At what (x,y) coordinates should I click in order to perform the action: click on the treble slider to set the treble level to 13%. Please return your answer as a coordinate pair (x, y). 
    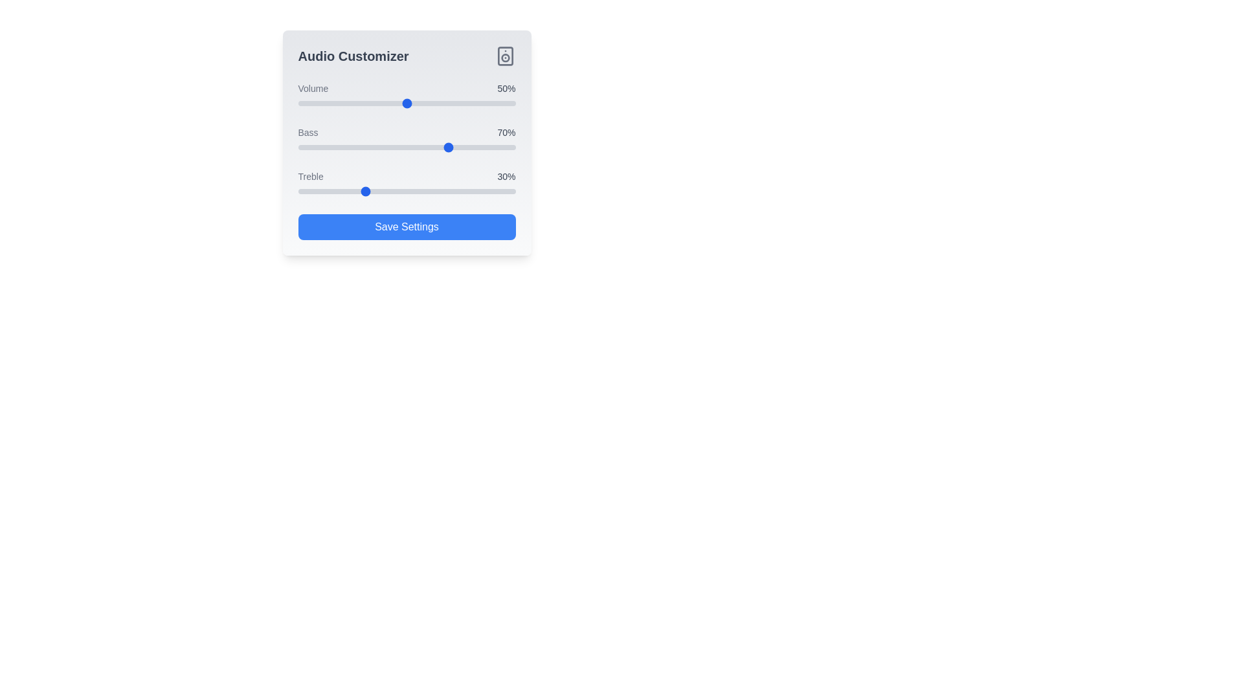
    Looking at the image, I should click on (326, 192).